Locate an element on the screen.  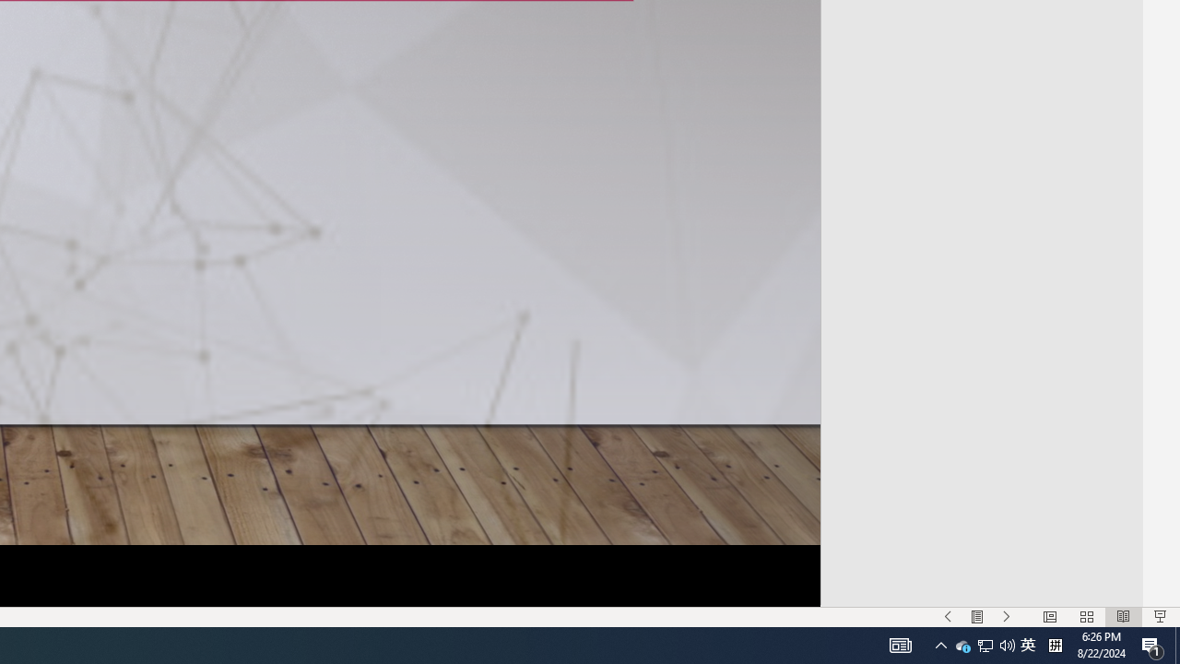
'Menu On' is located at coordinates (976, 617).